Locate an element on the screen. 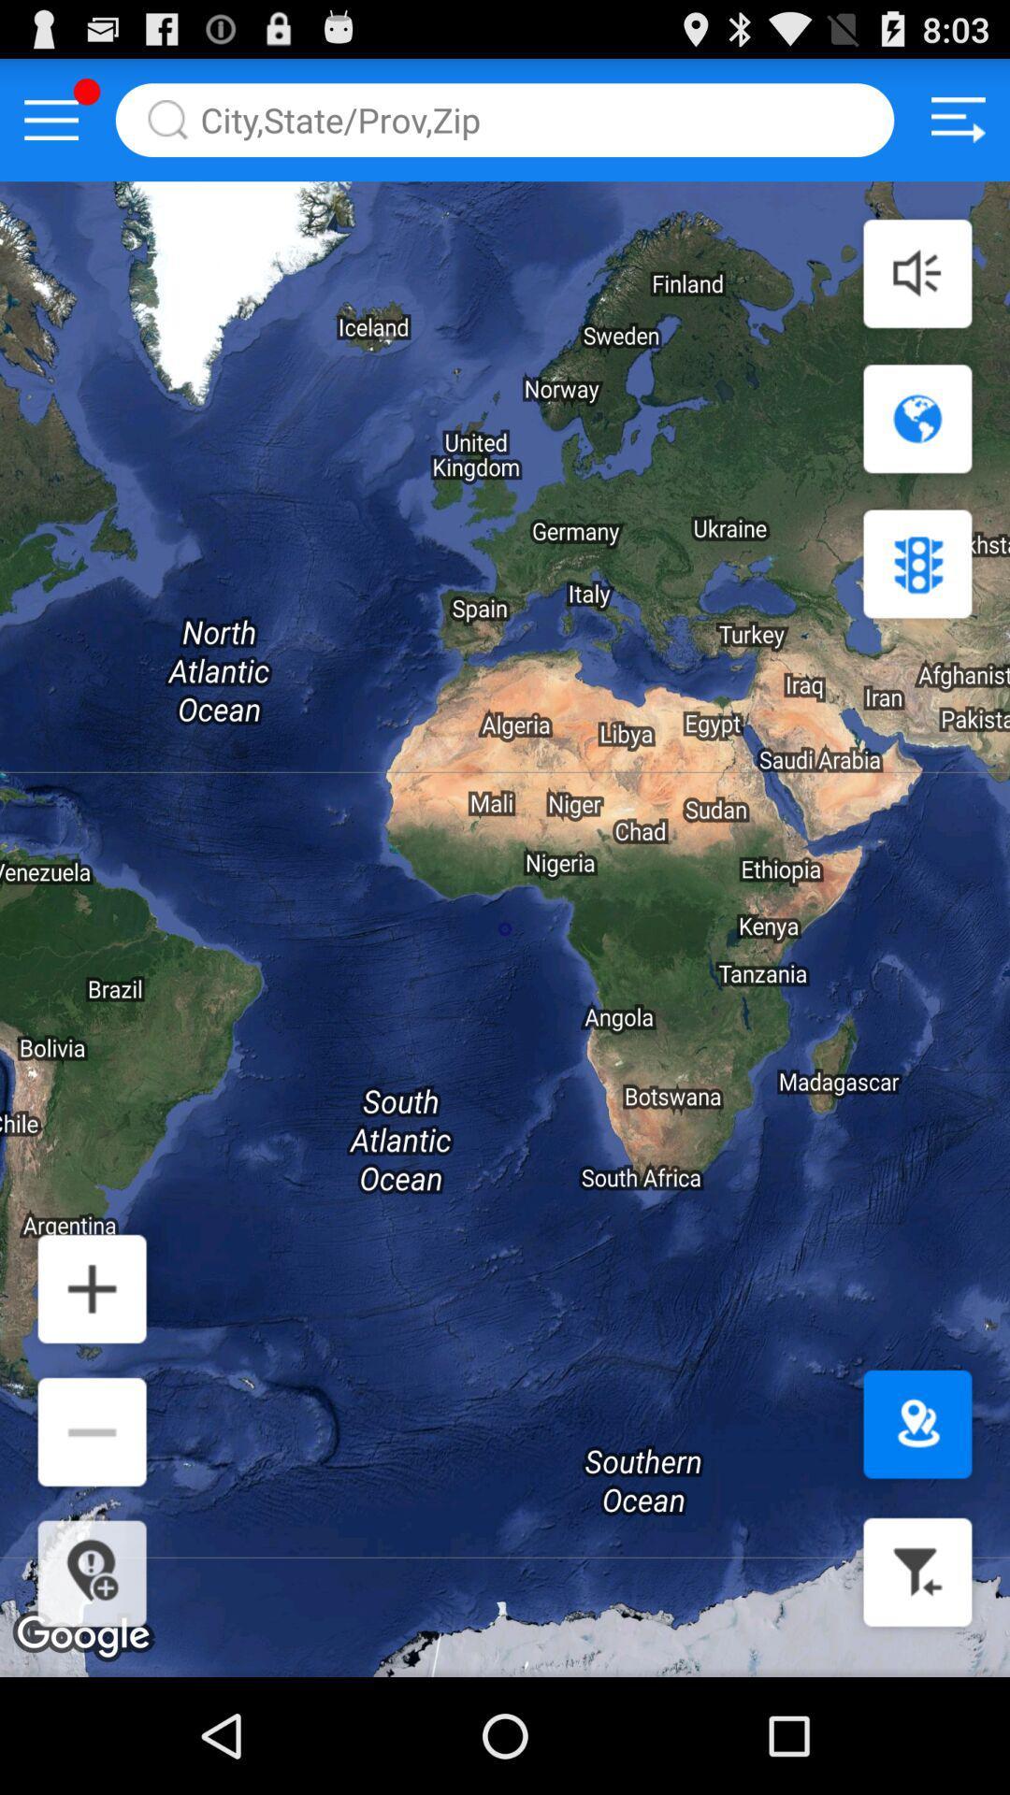 Image resolution: width=1010 pixels, height=1795 pixels. city zip space is located at coordinates (505, 119).